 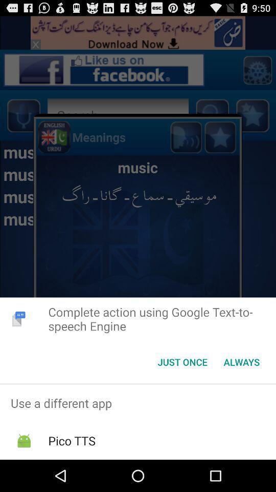 I want to click on the button to the left of the always, so click(x=182, y=362).